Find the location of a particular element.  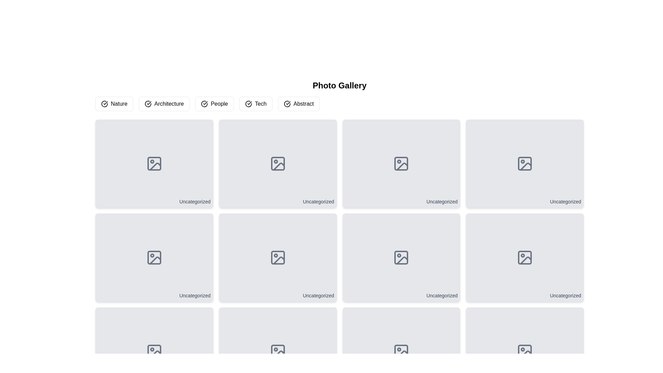

the text label located at the bottom-right corner of the second card in the second row of the grid layout is located at coordinates (194, 295).